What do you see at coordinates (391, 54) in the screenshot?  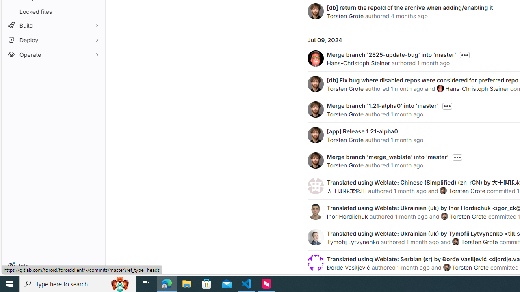 I see `'Merge branch '` at bounding box center [391, 54].